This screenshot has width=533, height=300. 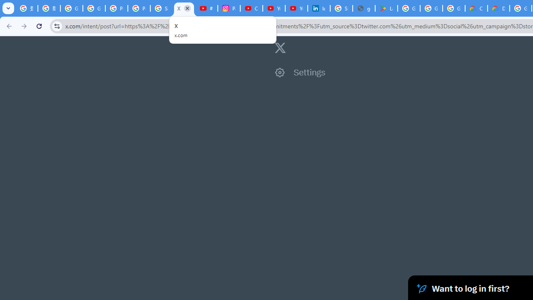 I want to click on 'YouTube Culture & Trends - YouTube Top 10, 2021', so click(x=296, y=8).